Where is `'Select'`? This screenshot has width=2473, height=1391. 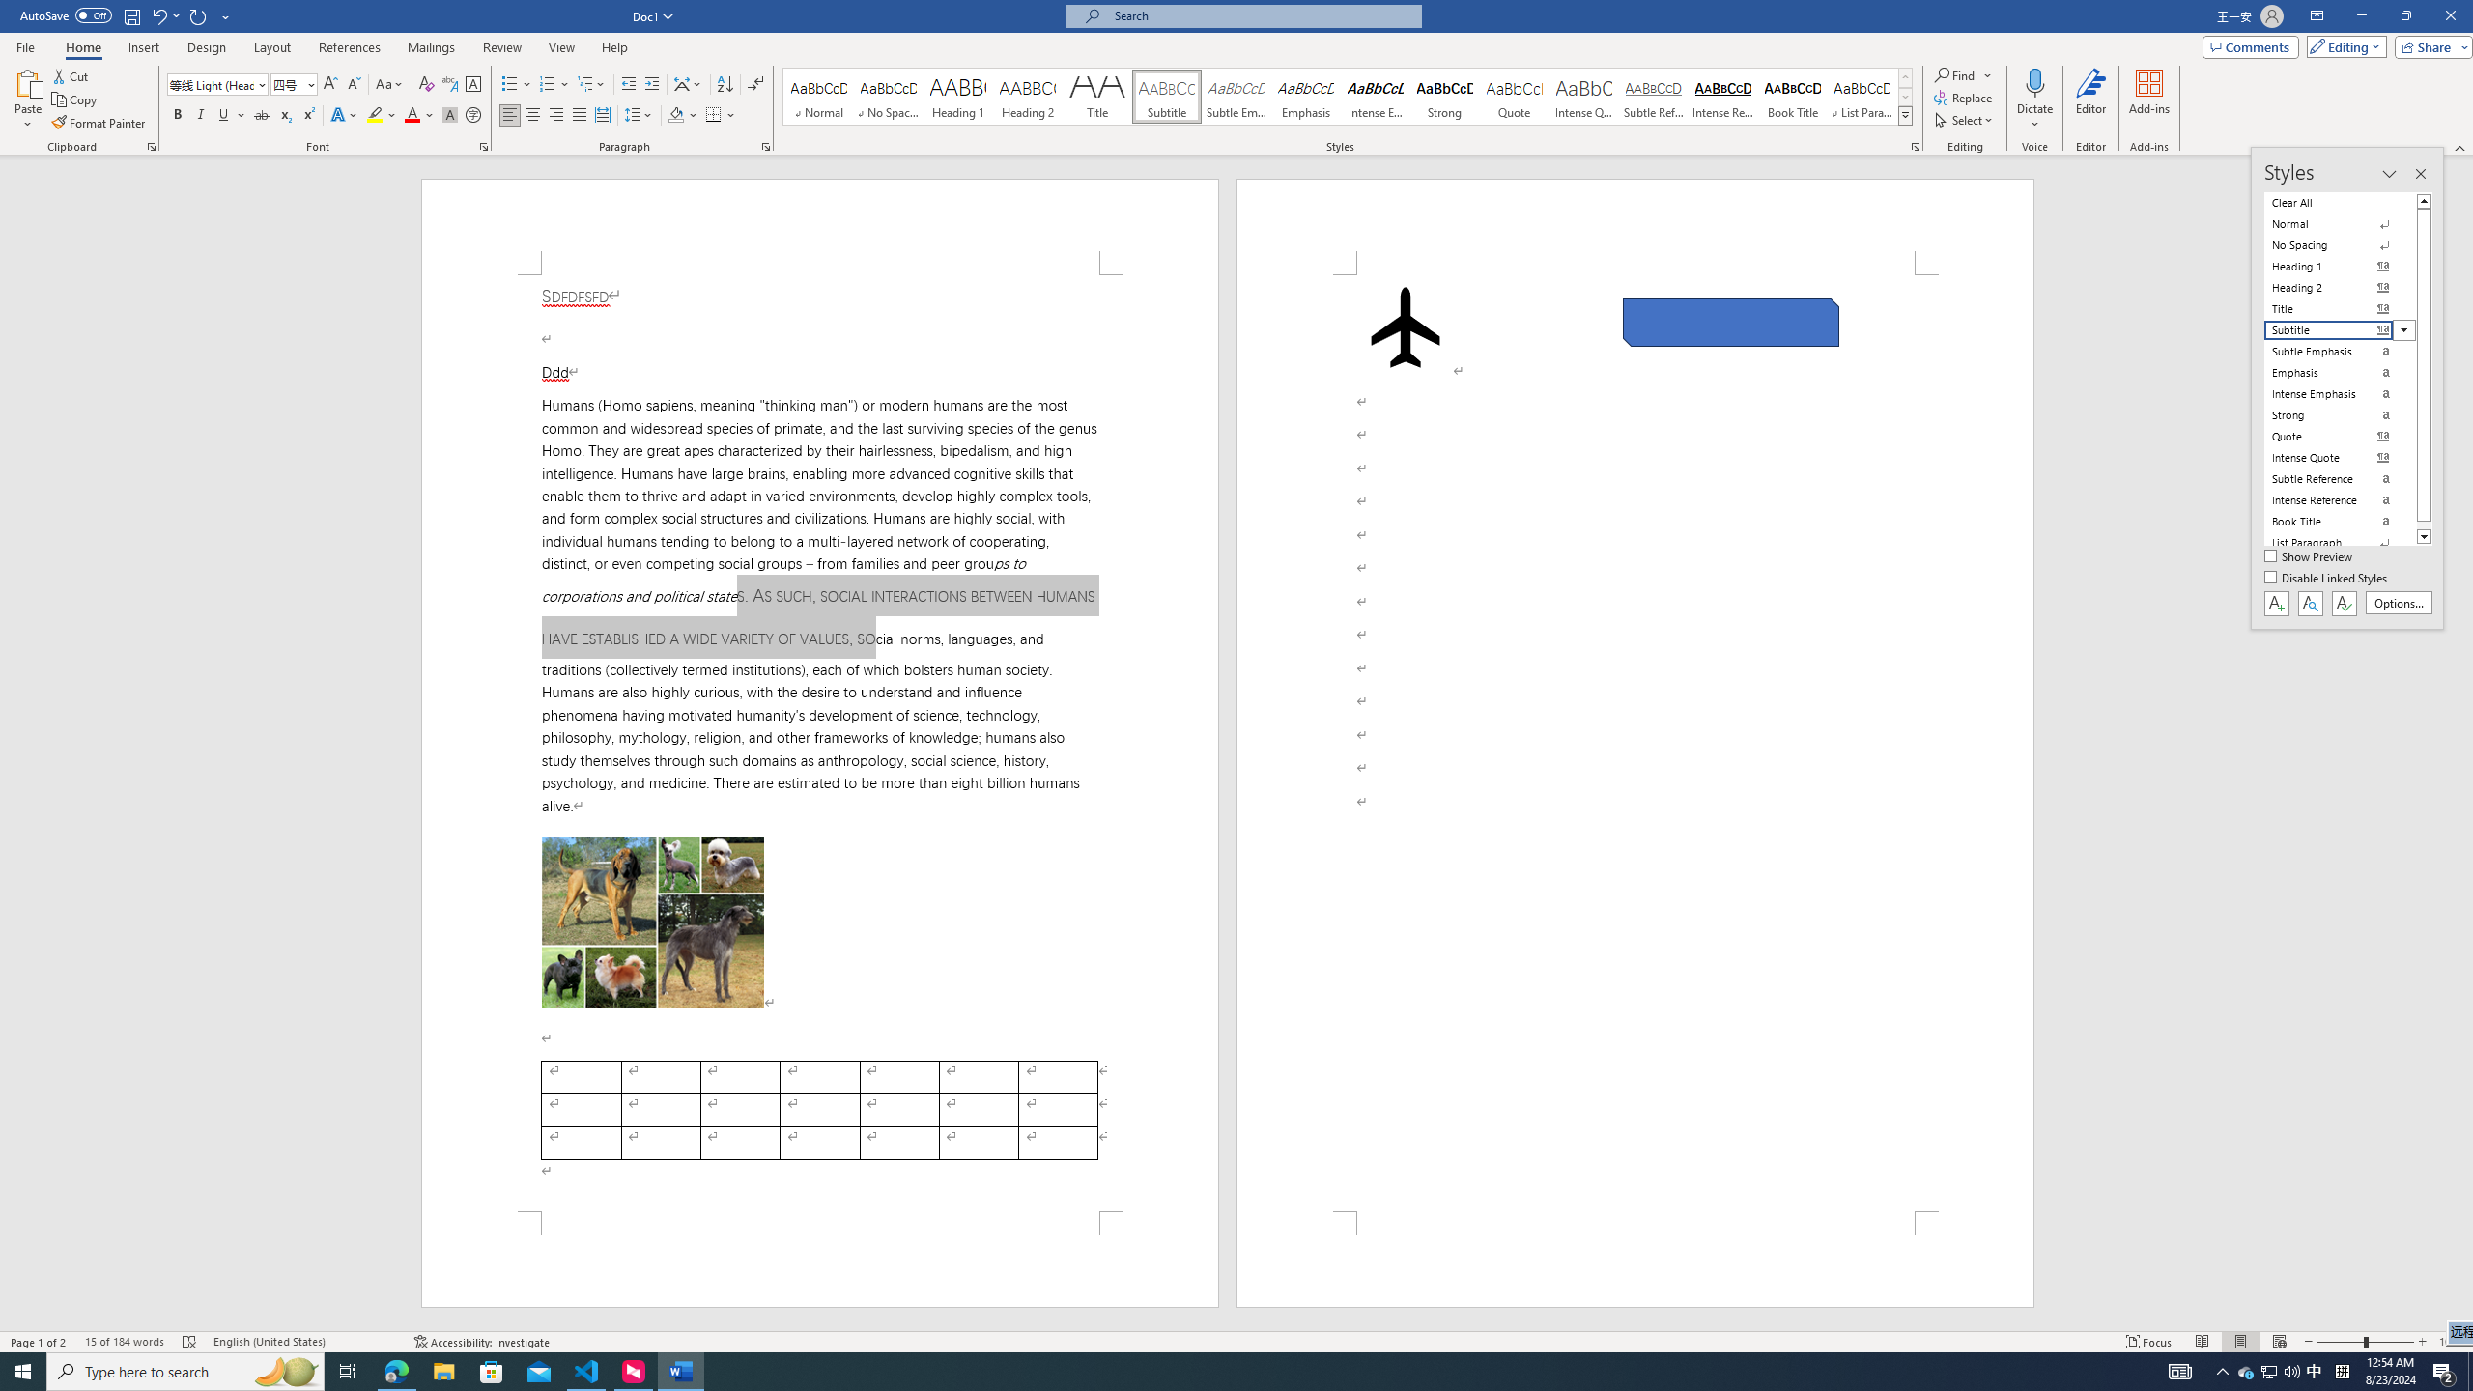
'Select' is located at coordinates (1965, 118).